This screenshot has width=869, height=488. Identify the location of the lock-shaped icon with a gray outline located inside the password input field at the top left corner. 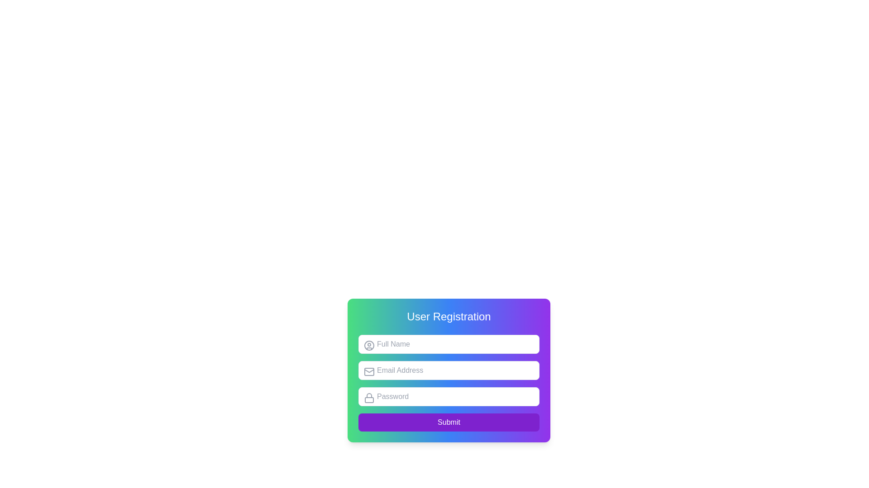
(369, 397).